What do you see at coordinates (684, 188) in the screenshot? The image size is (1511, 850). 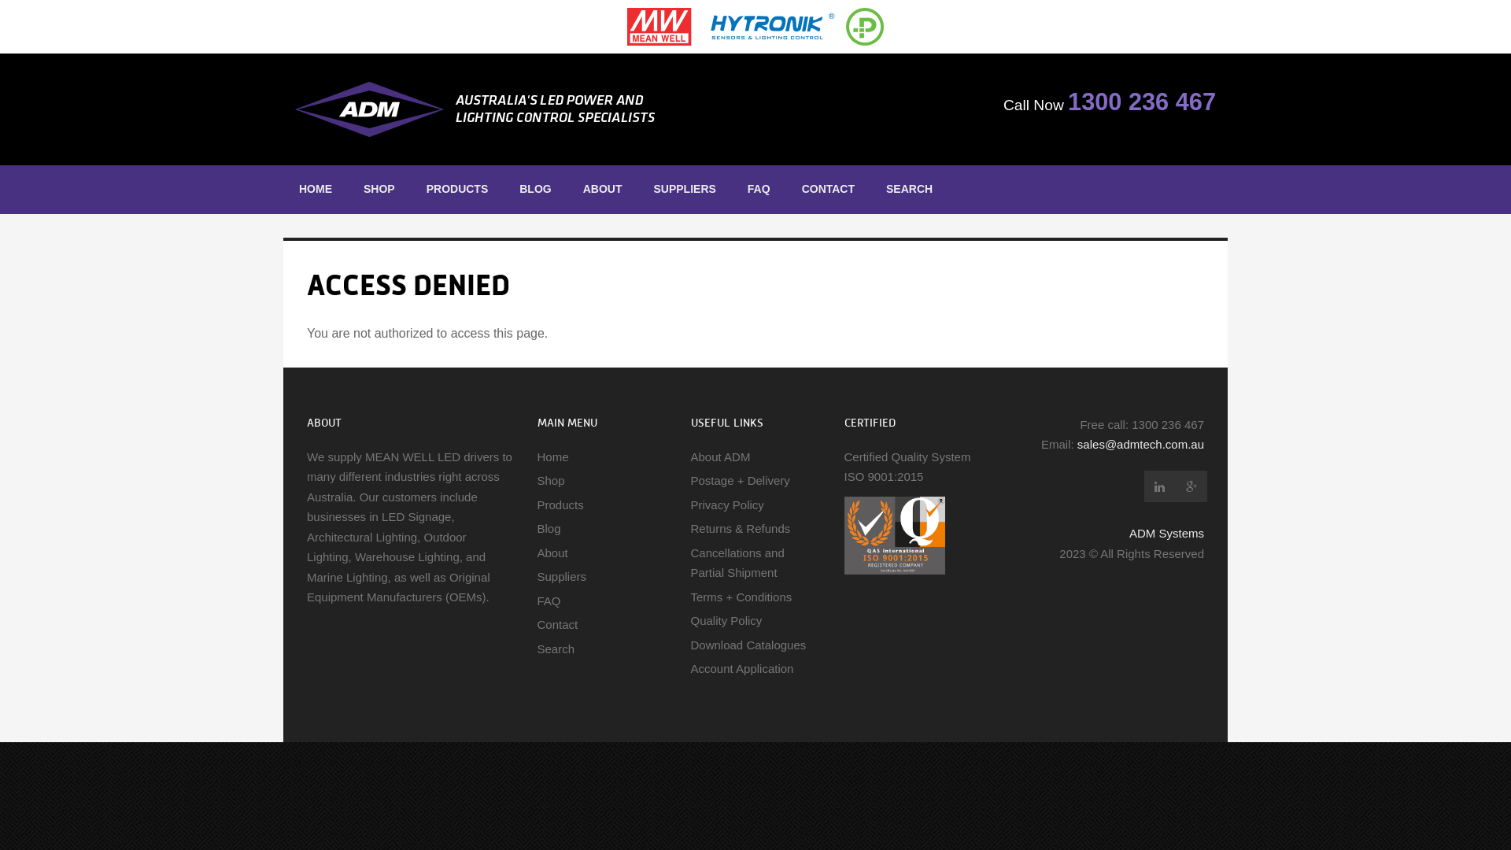 I see `'SUPPLIERS'` at bounding box center [684, 188].